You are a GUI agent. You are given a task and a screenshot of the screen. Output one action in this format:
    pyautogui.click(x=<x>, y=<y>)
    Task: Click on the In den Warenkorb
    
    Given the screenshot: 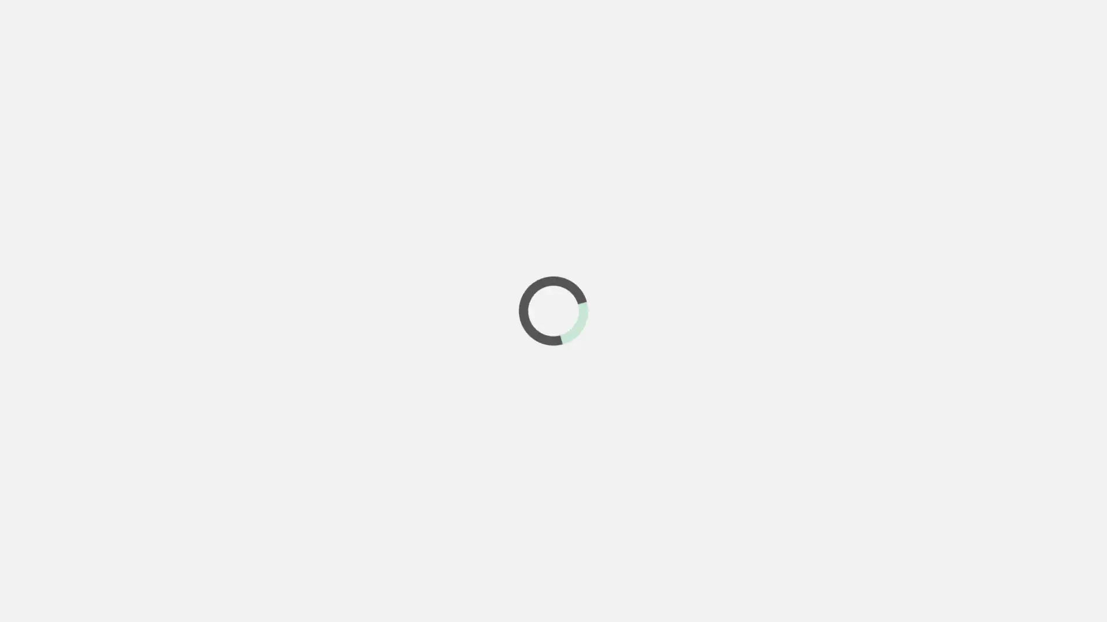 What is the action you would take?
    pyautogui.click(x=849, y=496)
    